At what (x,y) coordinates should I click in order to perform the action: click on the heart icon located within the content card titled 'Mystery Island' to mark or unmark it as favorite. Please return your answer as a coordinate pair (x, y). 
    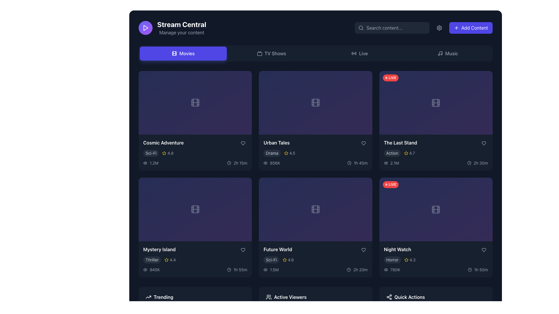
    Looking at the image, I should click on (243, 250).